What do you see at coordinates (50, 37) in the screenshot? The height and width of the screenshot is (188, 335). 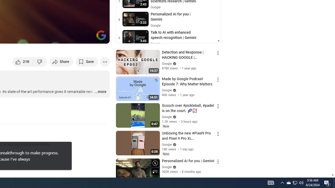 I see `'Subtitles/closed captions unavailable'` at bounding box center [50, 37].